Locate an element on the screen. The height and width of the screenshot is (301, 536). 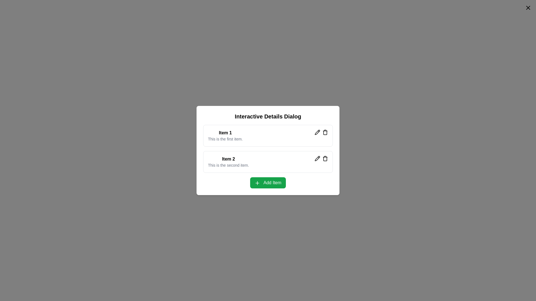
the static text element displaying 'This is the first item.' which is located below the title 'Item 1' in the dialog box is located at coordinates (225, 139).